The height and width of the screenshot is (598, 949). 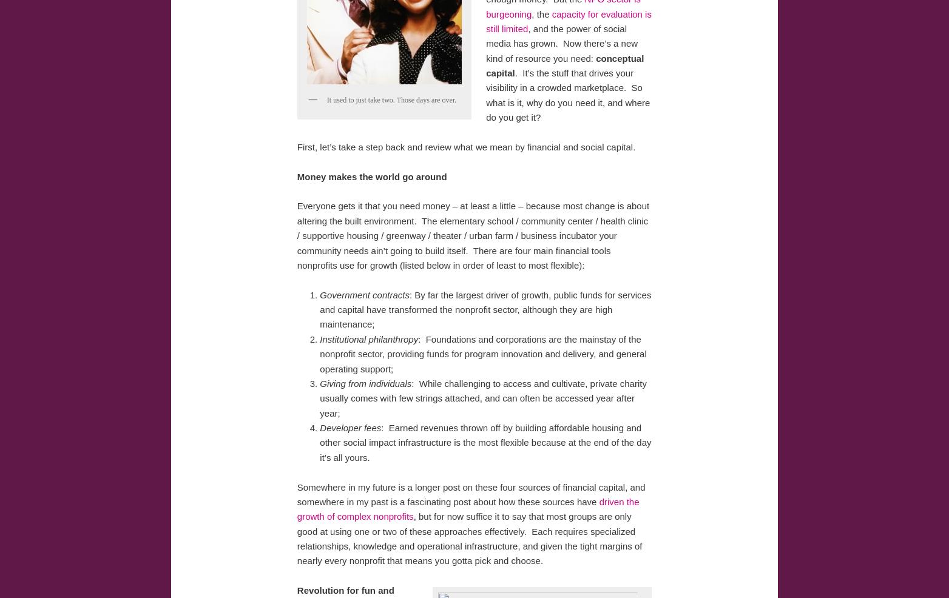 What do you see at coordinates (467, 508) in the screenshot?
I see `'driven the growth of complex nonprofits'` at bounding box center [467, 508].